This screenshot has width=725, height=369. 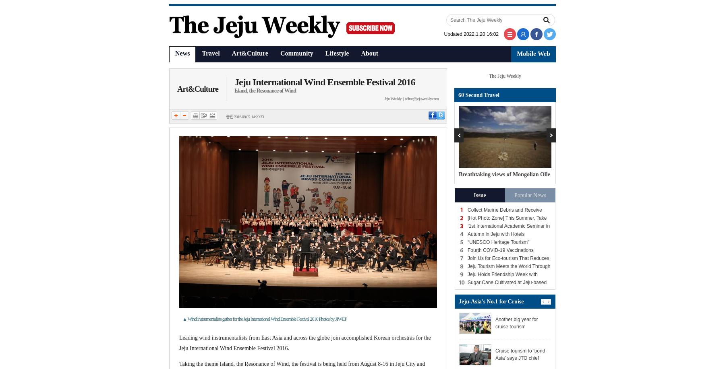 What do you see at coordinates (369, 53) in the screenshot?
I see `'About'` at bounding box center [369, 53].